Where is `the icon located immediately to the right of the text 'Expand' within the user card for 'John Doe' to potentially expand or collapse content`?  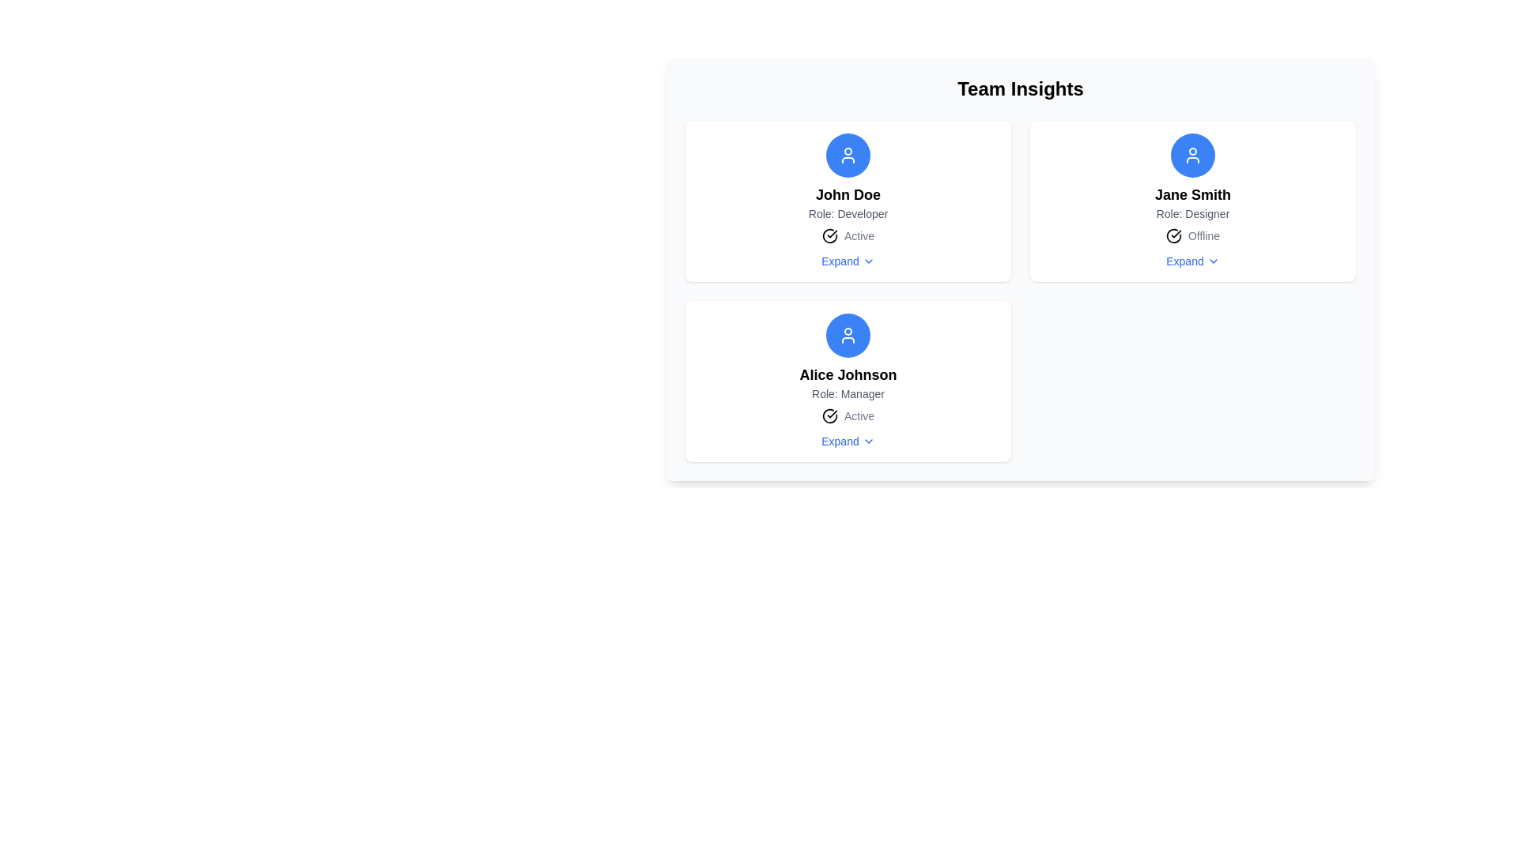 the icon located immediately to the right of the text 'Expand' within the user card for 'John Doe' to potentially expand or collapse content is located at coordinates (867, 261).